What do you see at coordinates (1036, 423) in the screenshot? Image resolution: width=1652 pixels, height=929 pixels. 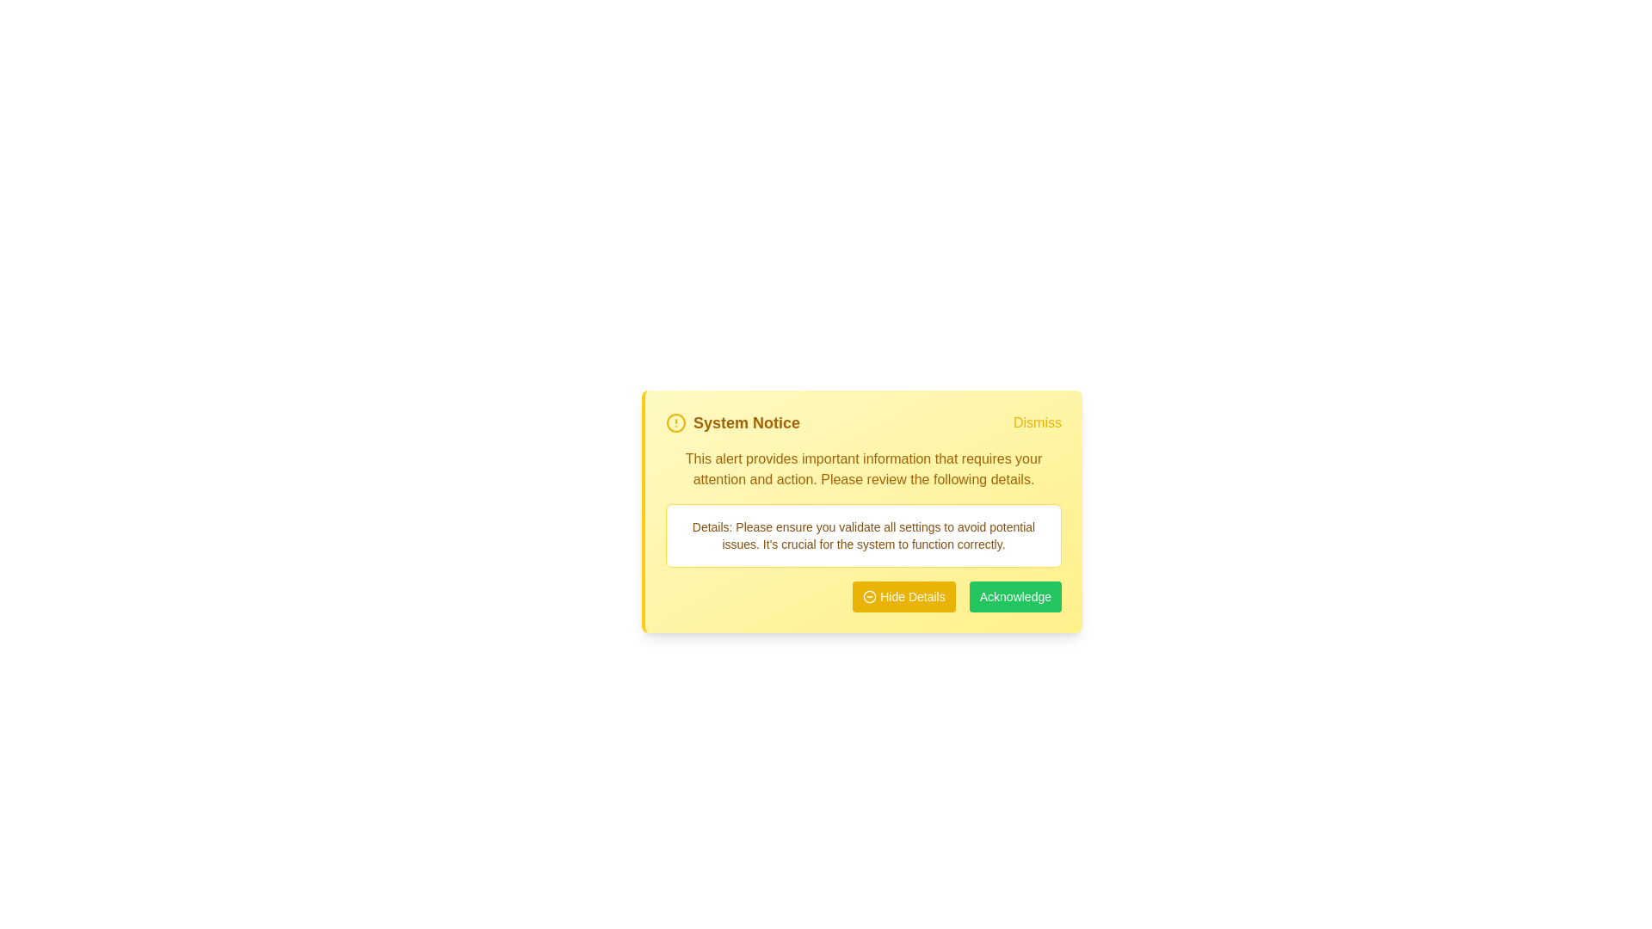 I see `the 'Dismiss' button to close the alert` at bounding box center [1036, 423].